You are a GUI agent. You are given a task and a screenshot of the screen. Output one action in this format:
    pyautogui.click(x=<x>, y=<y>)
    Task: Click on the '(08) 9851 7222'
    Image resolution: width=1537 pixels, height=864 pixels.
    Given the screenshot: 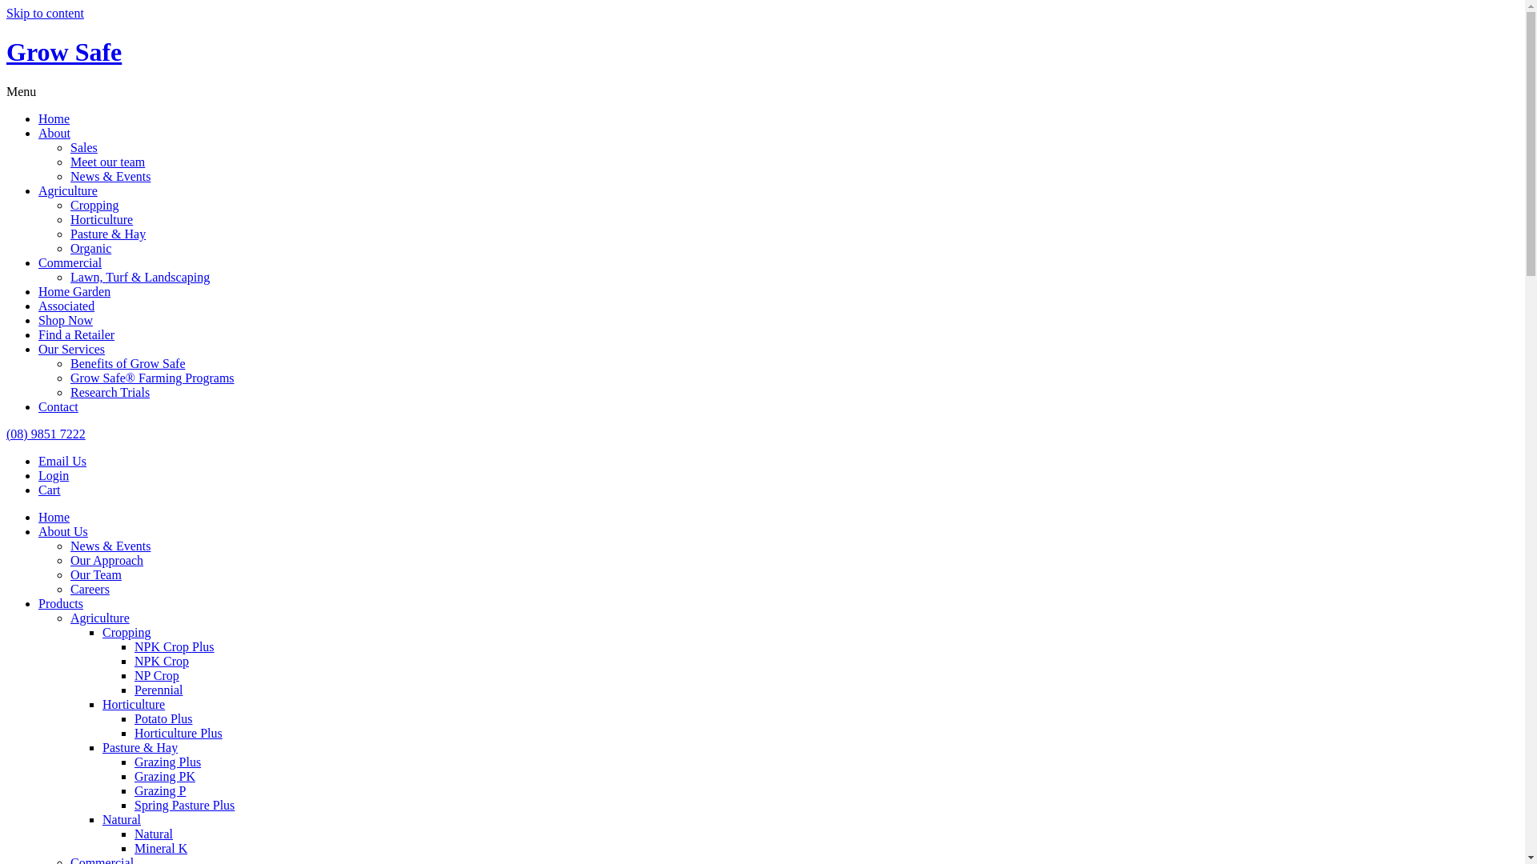 What is the action you would take?
    pyautogui.click(x=46, y=434)
    